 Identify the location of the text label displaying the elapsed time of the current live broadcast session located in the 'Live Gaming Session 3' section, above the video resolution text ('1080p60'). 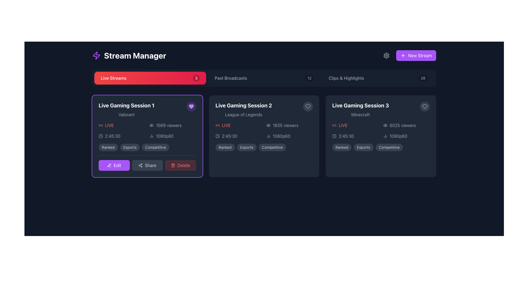
(346, 136).